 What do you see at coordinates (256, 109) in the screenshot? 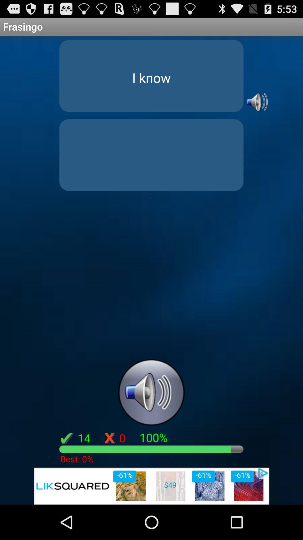
I see `the volume icon` at bounding box center [256, 109].